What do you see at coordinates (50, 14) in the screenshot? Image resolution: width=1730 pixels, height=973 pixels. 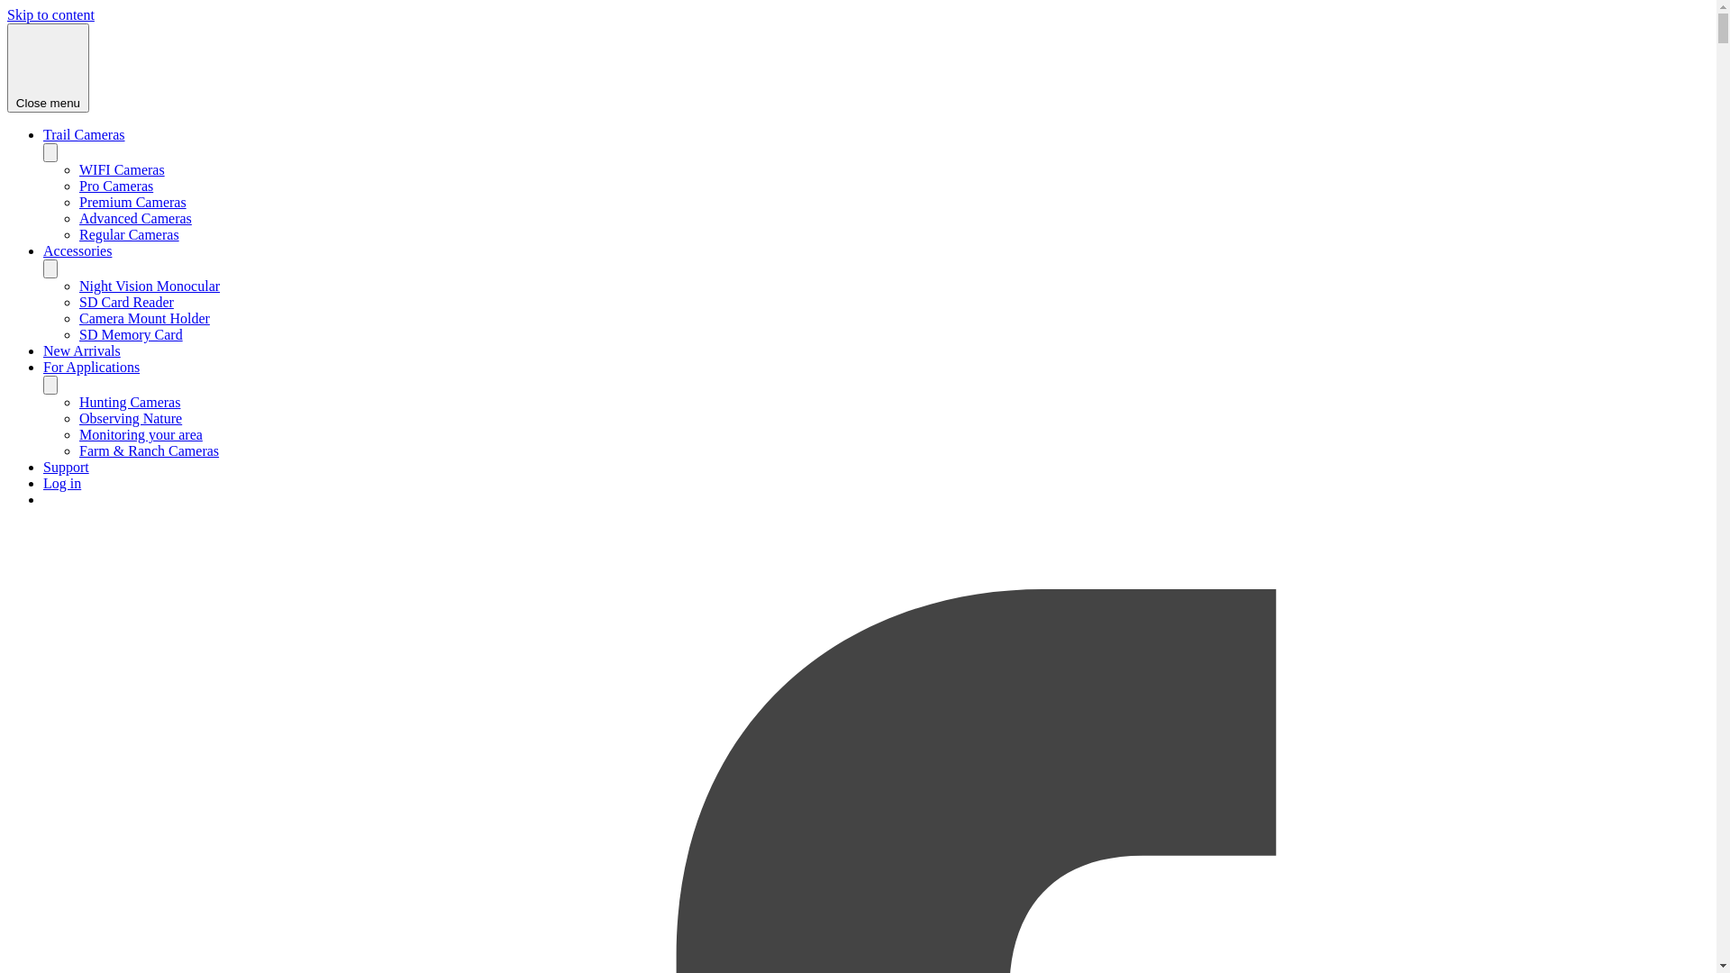 I see `'Skip to content'` at bounding box center [50, 14].